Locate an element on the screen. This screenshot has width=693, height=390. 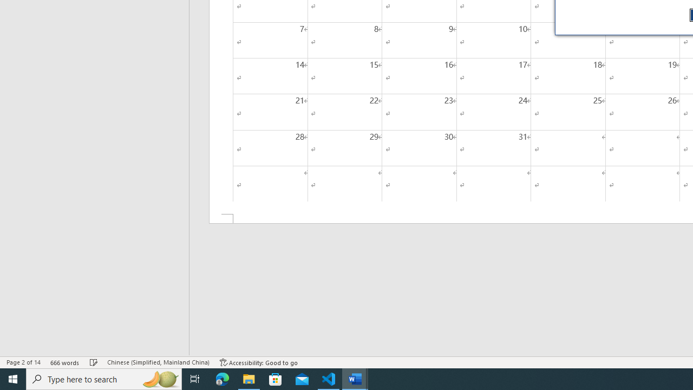
'File Explorer - 1 running window' is located at coordinates (249, 378).